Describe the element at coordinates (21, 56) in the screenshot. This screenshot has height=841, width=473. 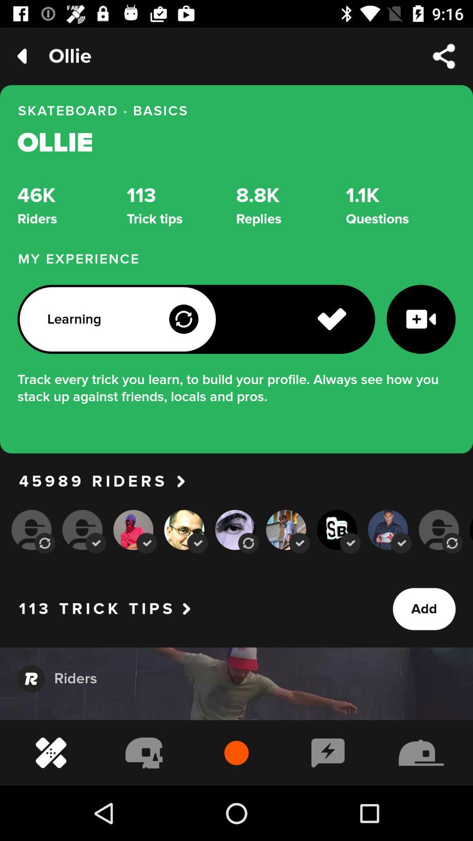
I see `the arrow_backward icon` at that location.